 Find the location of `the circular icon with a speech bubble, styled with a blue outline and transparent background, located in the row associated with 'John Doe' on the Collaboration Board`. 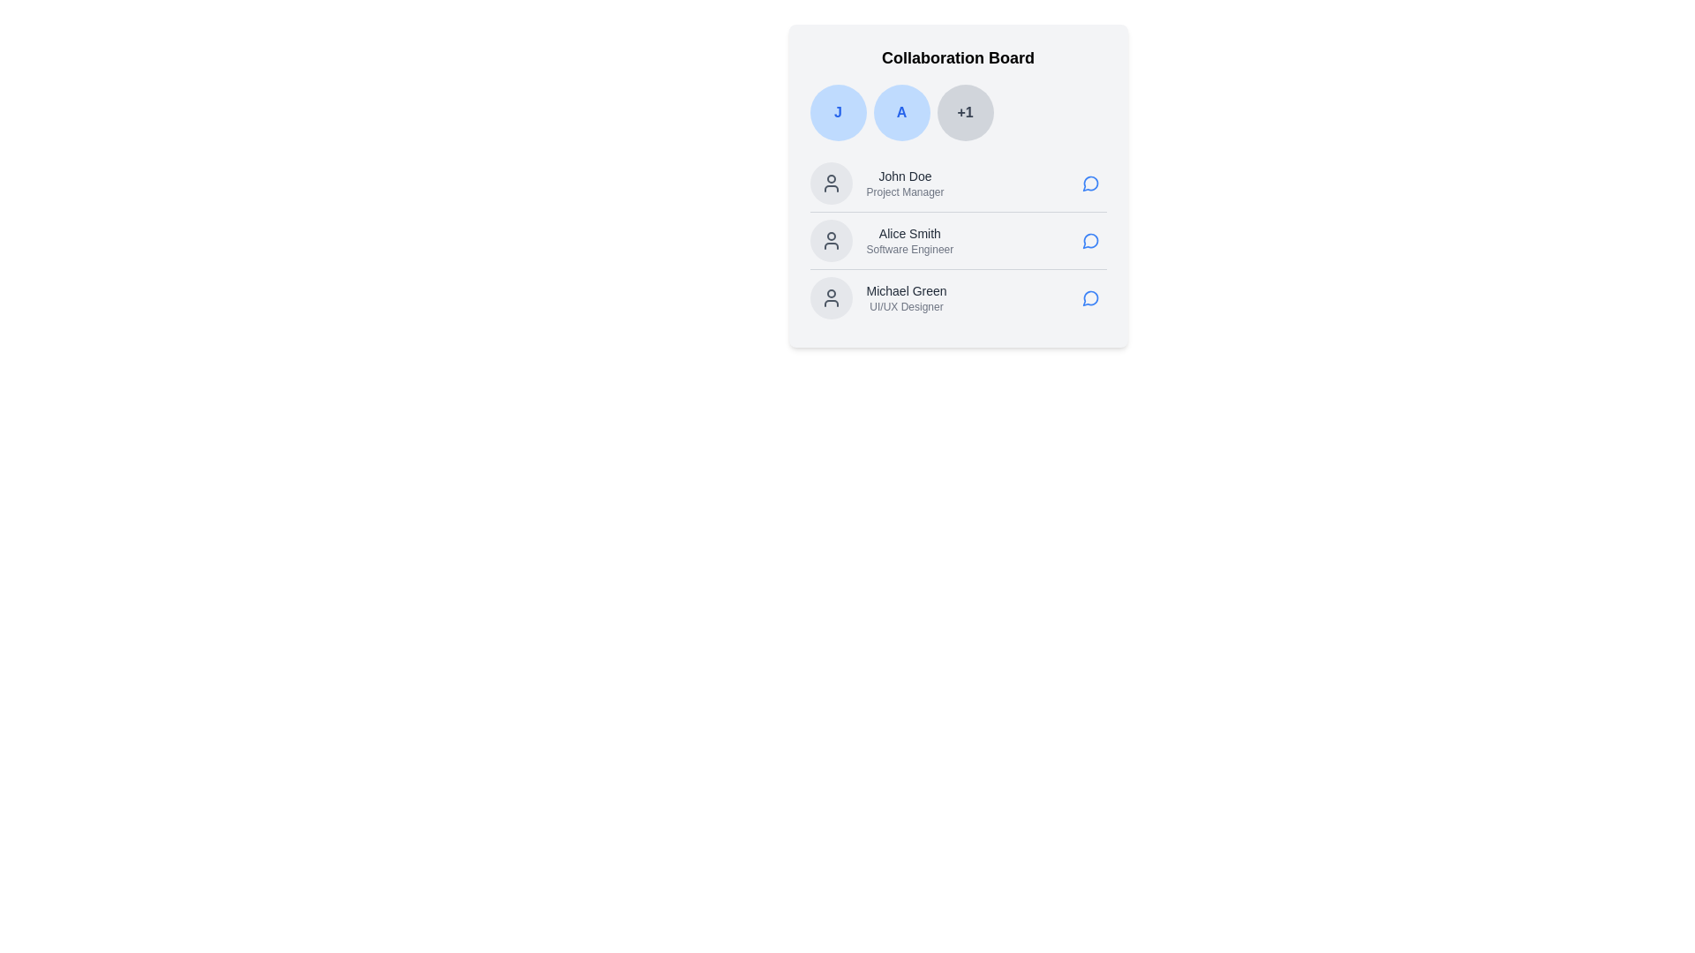

the circular icon with a speech bubble, styled with a blue outline and transparent background, located in the row associated with 'John Doe' on the Collaboration Board is located at coordinates (1089, 184).